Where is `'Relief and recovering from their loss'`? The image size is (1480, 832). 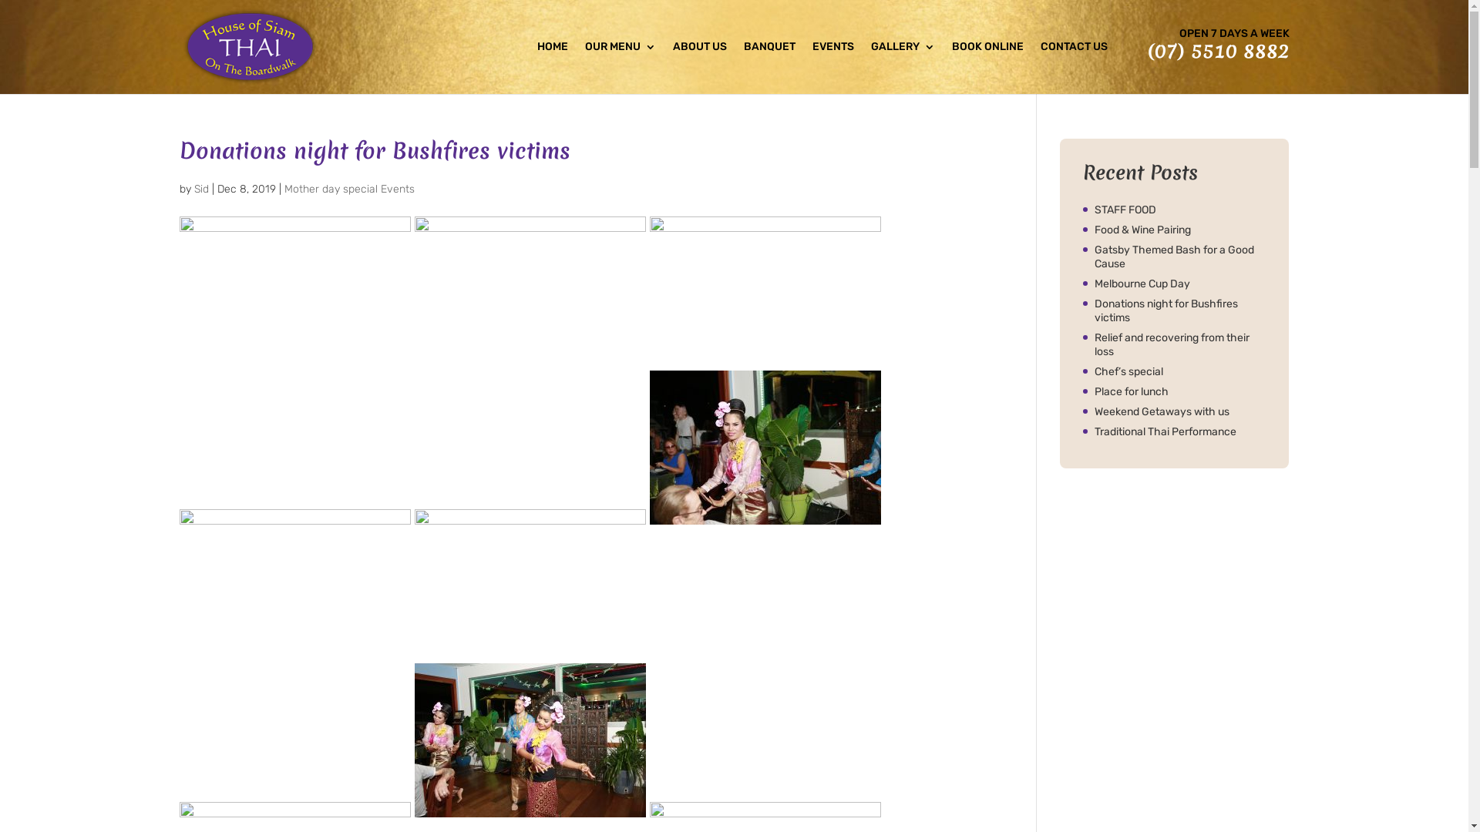 'Relief and recovering from their loss' is located at coordinates (1179, 344).